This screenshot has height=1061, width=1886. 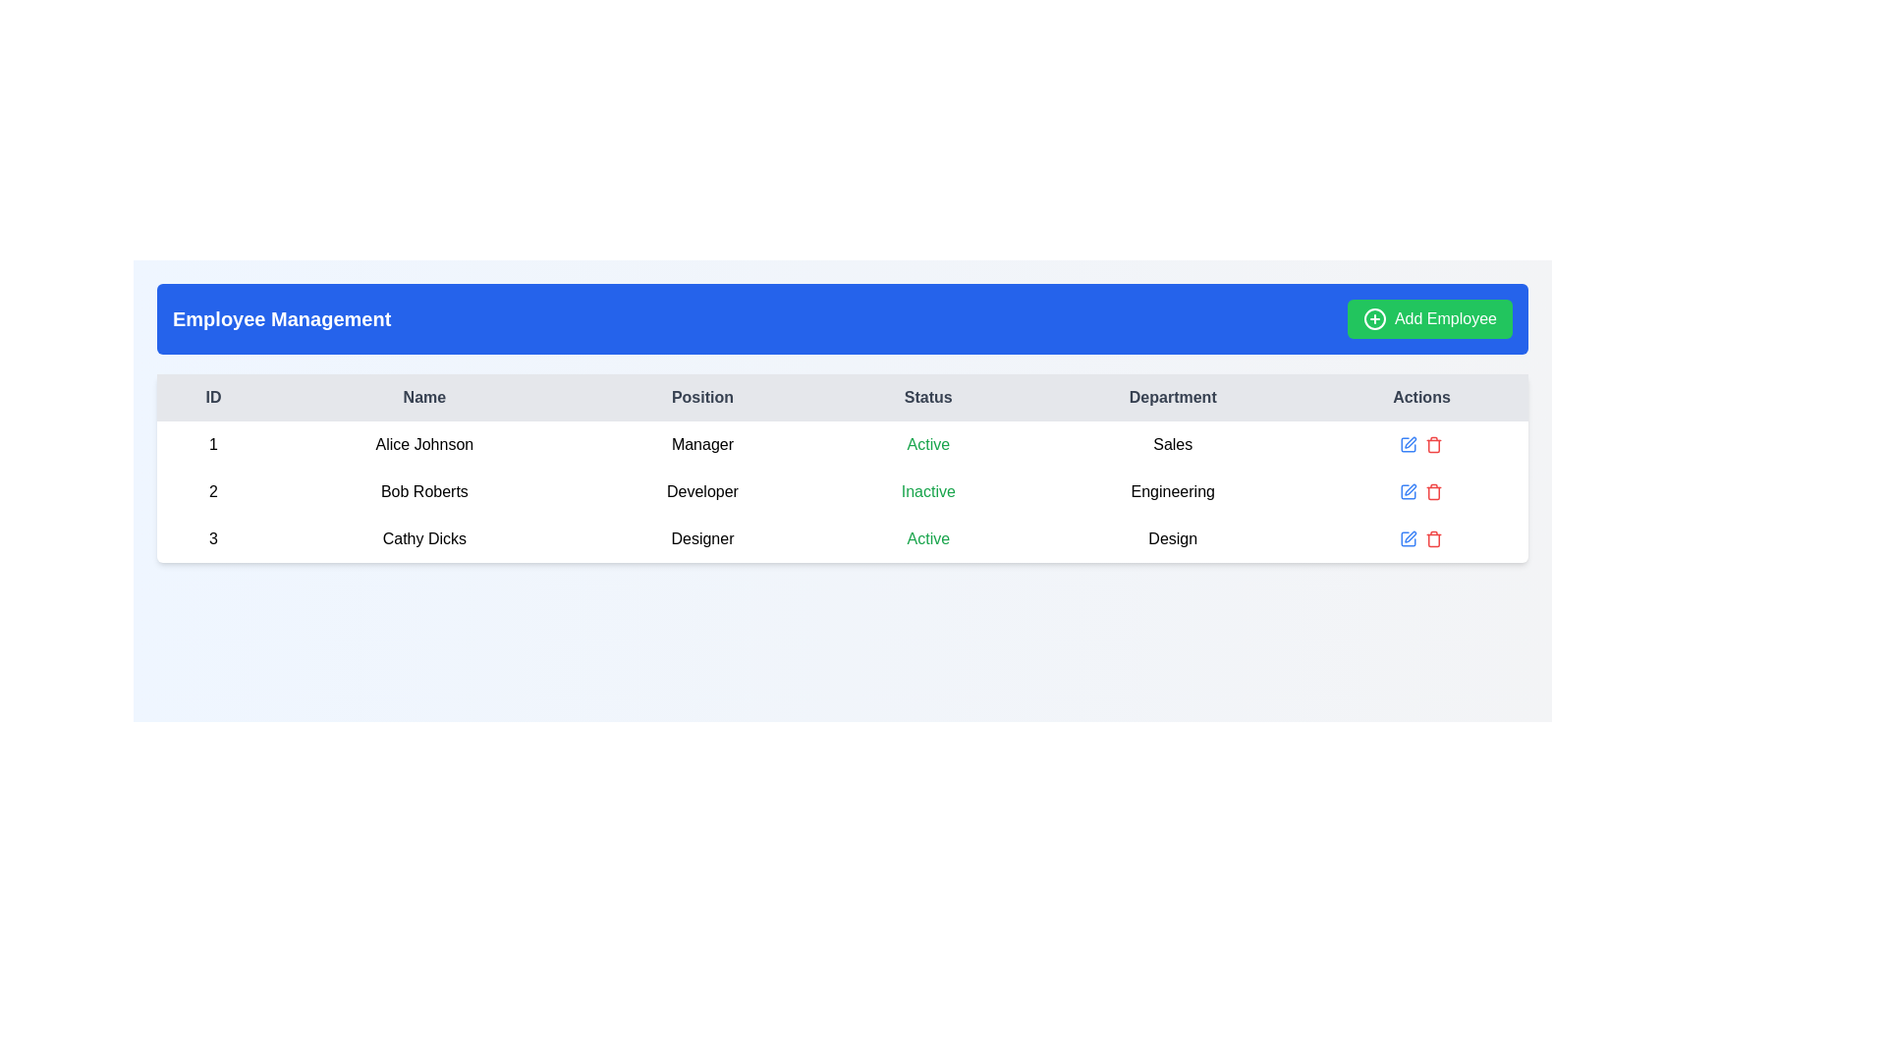 I want to click on the blue button with a pen icon in the 'Actions' column of the 'Employee Management' table for 'Cathy Dicks', so click(x=1421, y=538).